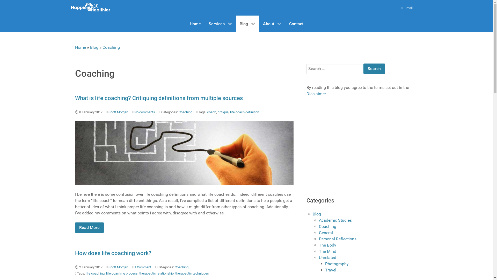  I want to click on 'life coaching process', so click(121, 273).